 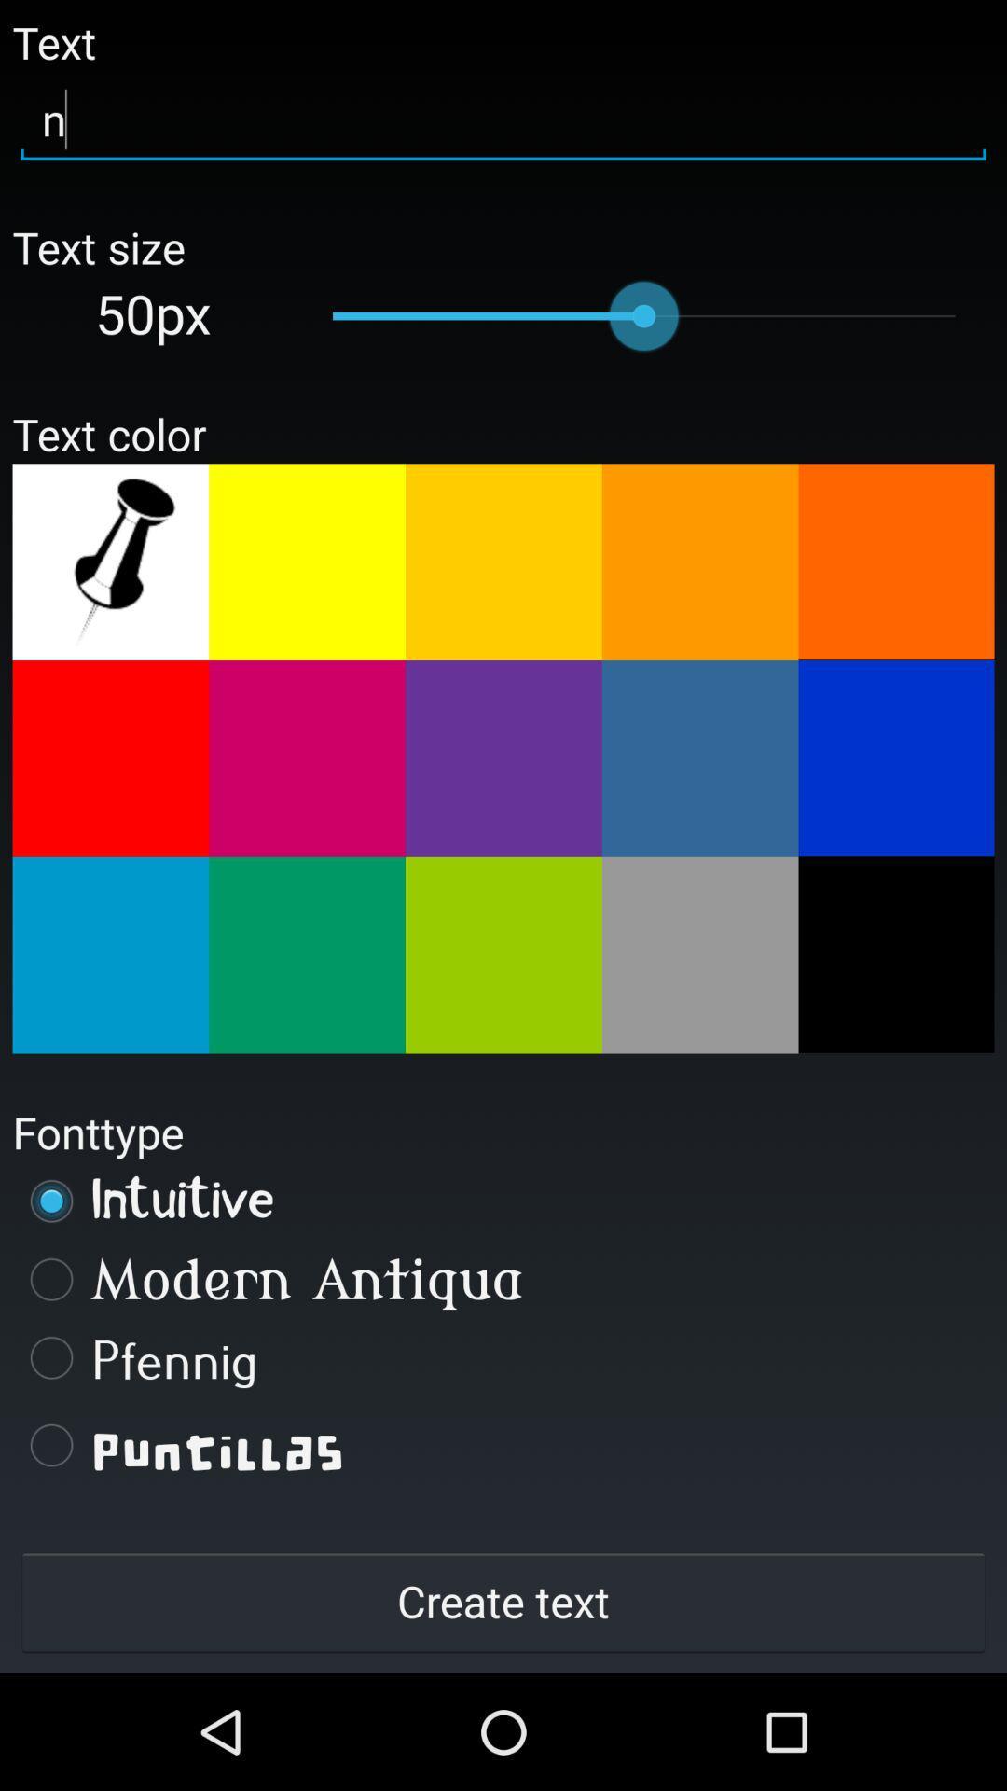 I want to click on color, so click(x=700, y=758).